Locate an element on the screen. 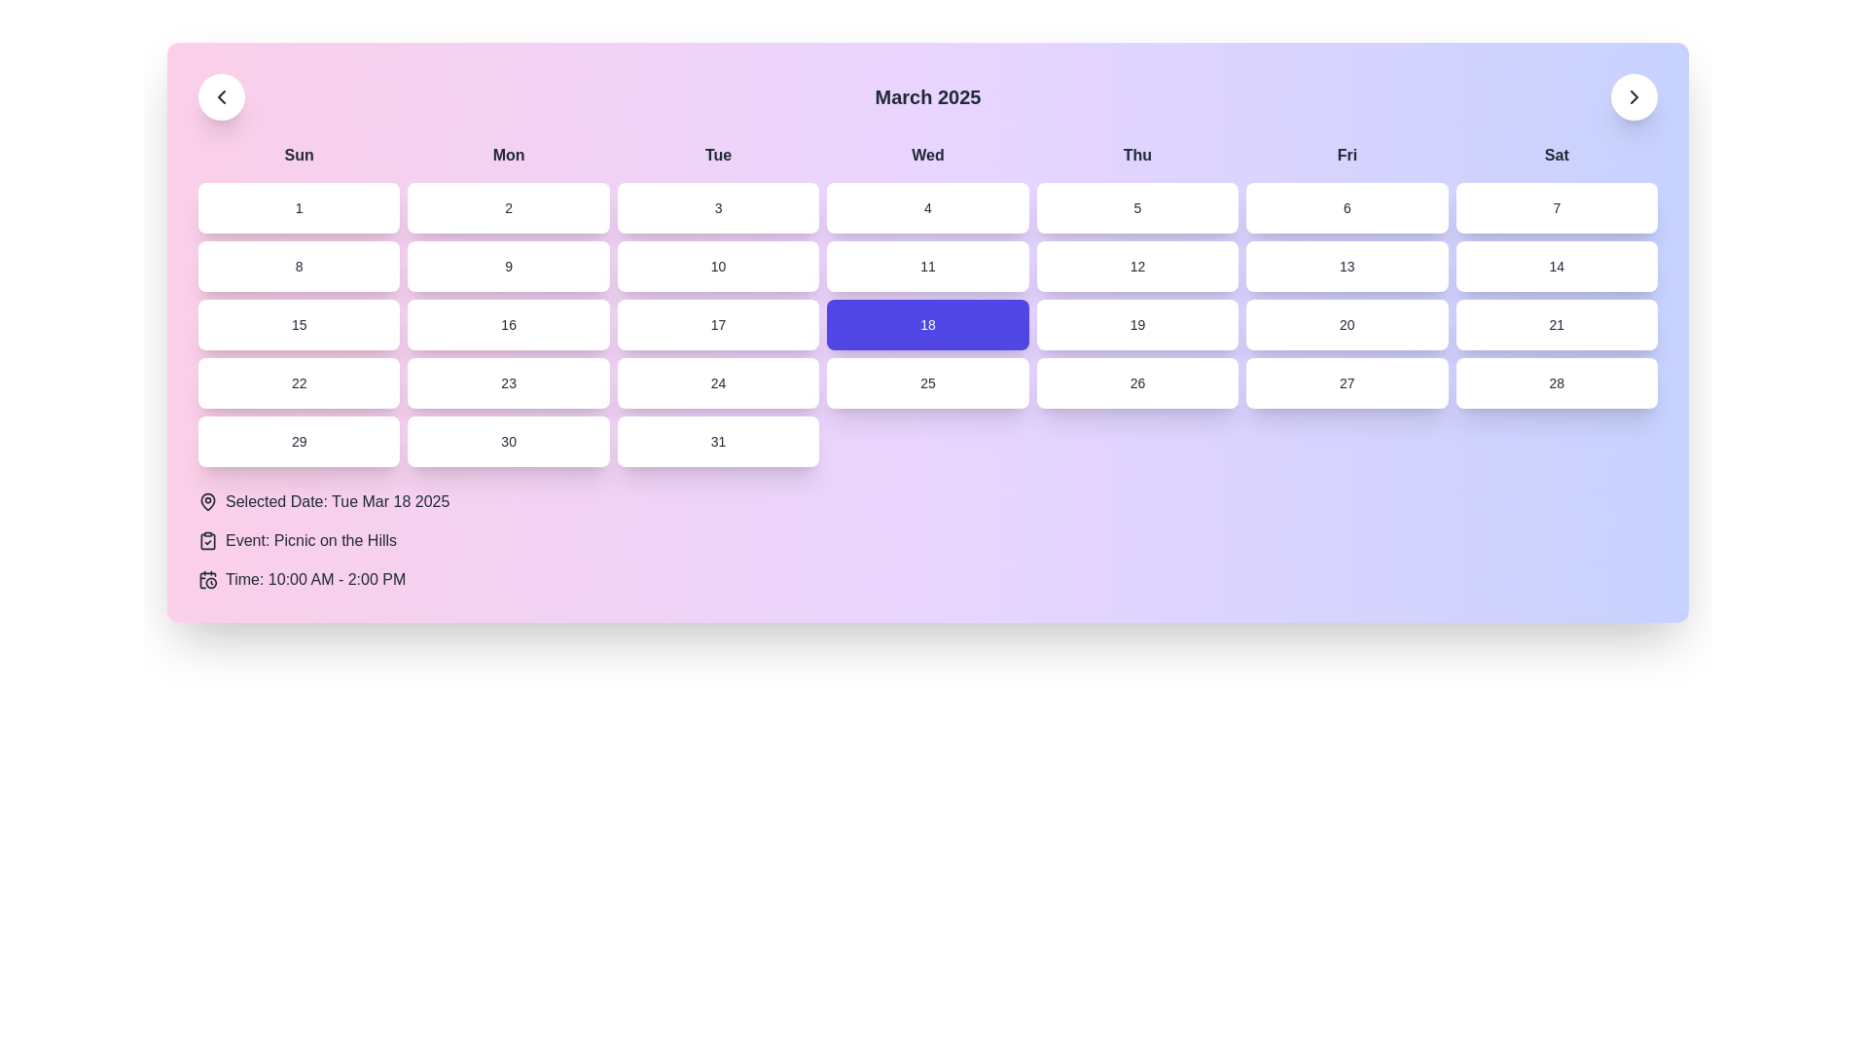 This screenshot has height=1051, width=1868. the rectangular button with rounded corners displaying the number '18' in the 4th column of the 3rd row, which represents 'Wednesday' is located at coordinates (927, 324).